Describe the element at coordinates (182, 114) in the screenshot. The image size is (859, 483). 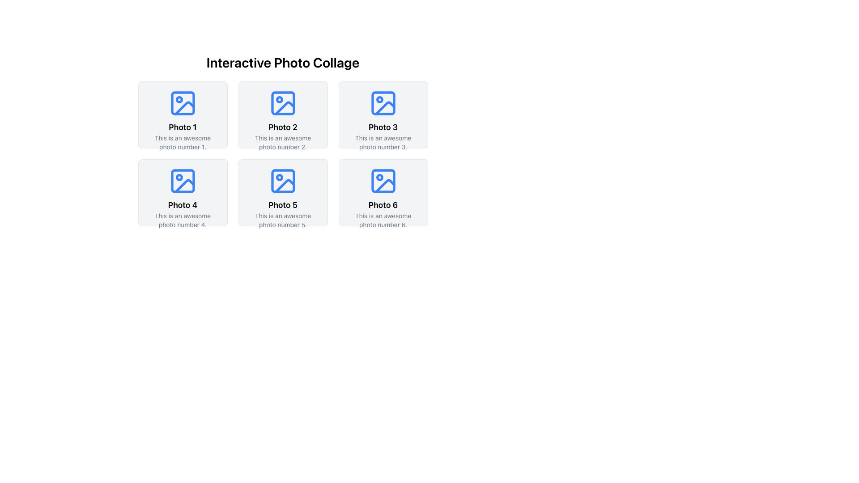
I see `the magnifying glass icon in the upper left card labeled 'Photo 1', which symbolizes a 'zoom in' action and is styled with a blue color scheme` at that location.